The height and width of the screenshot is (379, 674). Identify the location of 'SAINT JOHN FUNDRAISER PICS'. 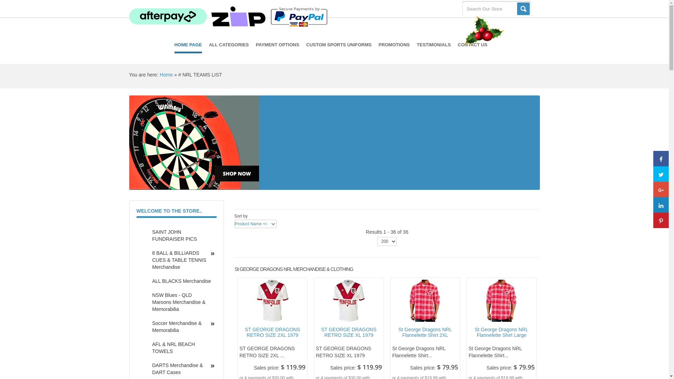
(181, 235).